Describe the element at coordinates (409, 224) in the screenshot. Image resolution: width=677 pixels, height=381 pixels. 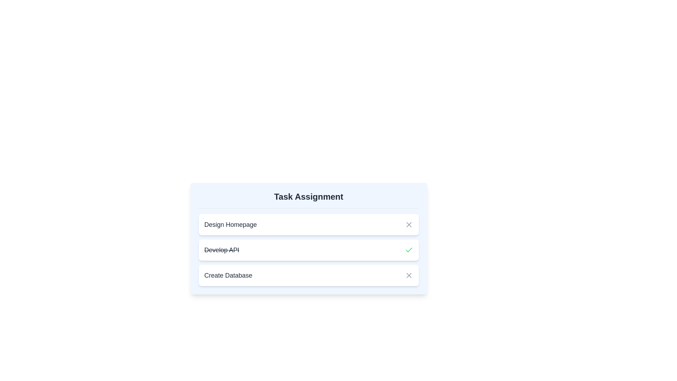
I see `the button` at that location.